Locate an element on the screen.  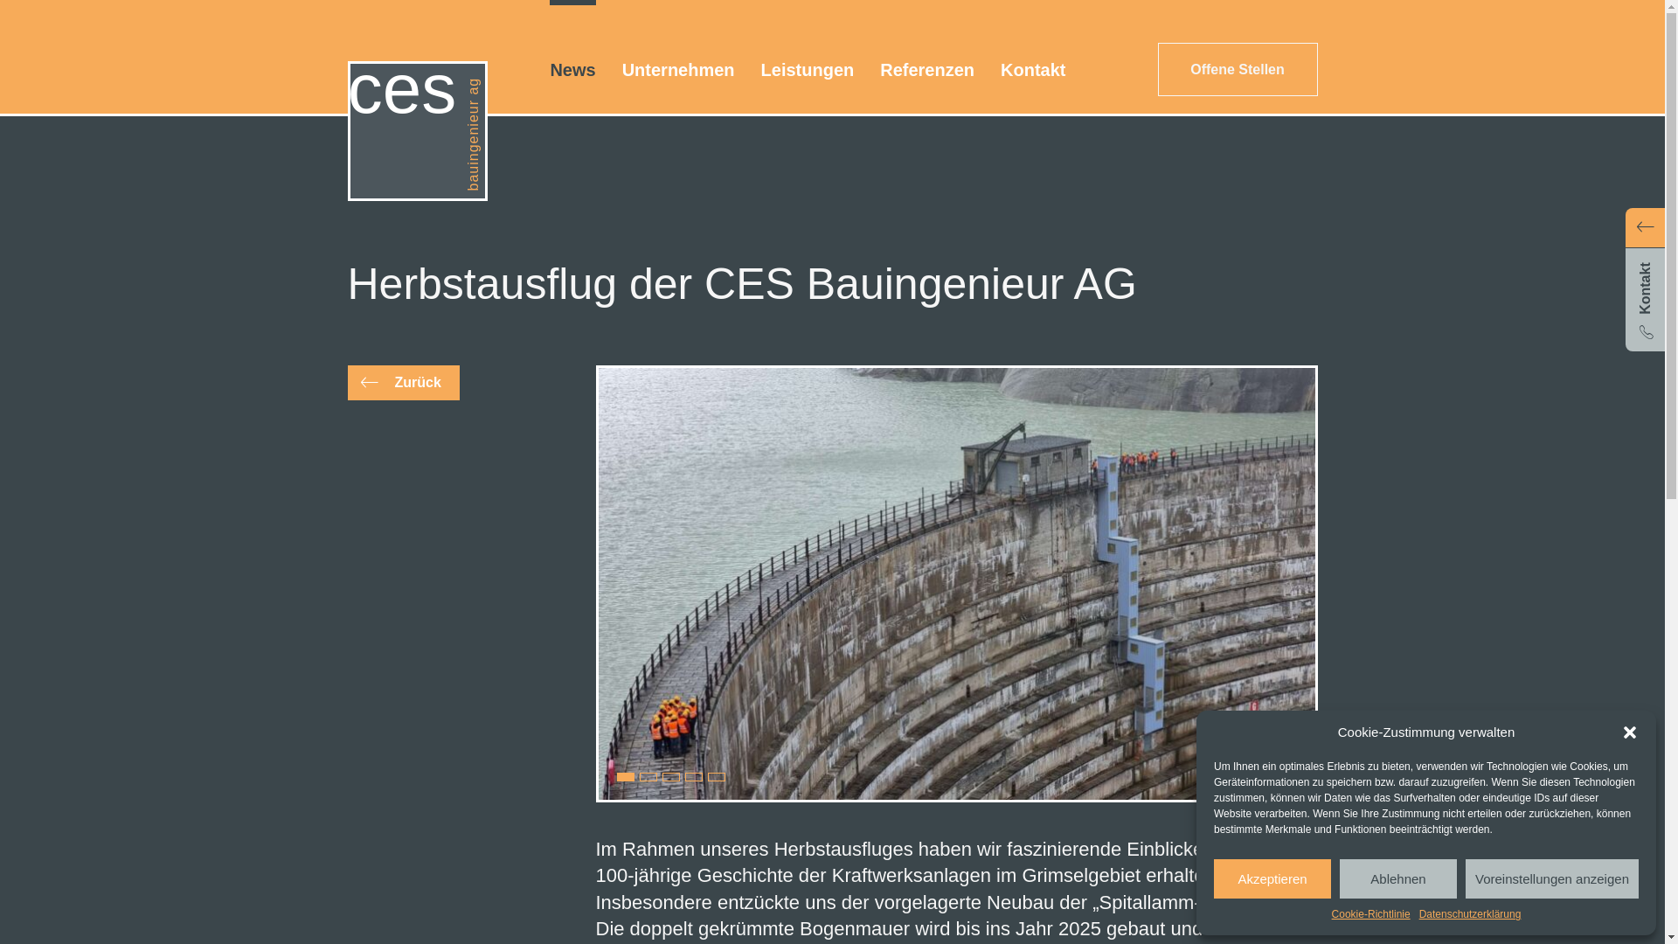
'5' is located at coordinates (717, 775).